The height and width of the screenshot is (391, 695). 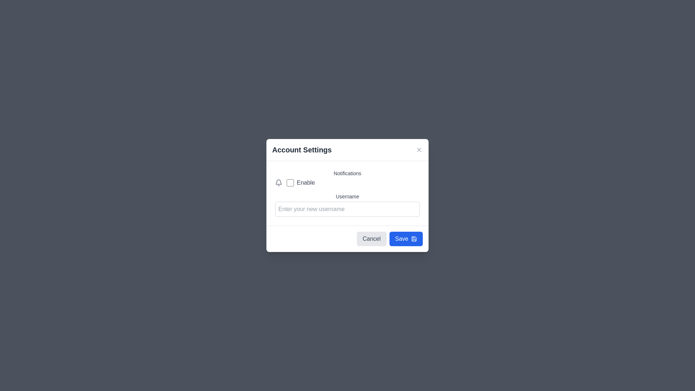 I want to click on the input field for 'Username' in the 'Account Settings' modal to focus and type, so click(x=347, y=205).